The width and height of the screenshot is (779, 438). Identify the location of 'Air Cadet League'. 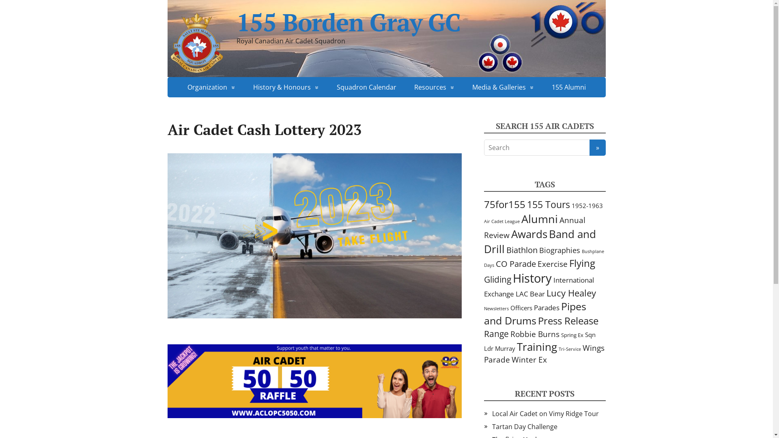
(501, 221).